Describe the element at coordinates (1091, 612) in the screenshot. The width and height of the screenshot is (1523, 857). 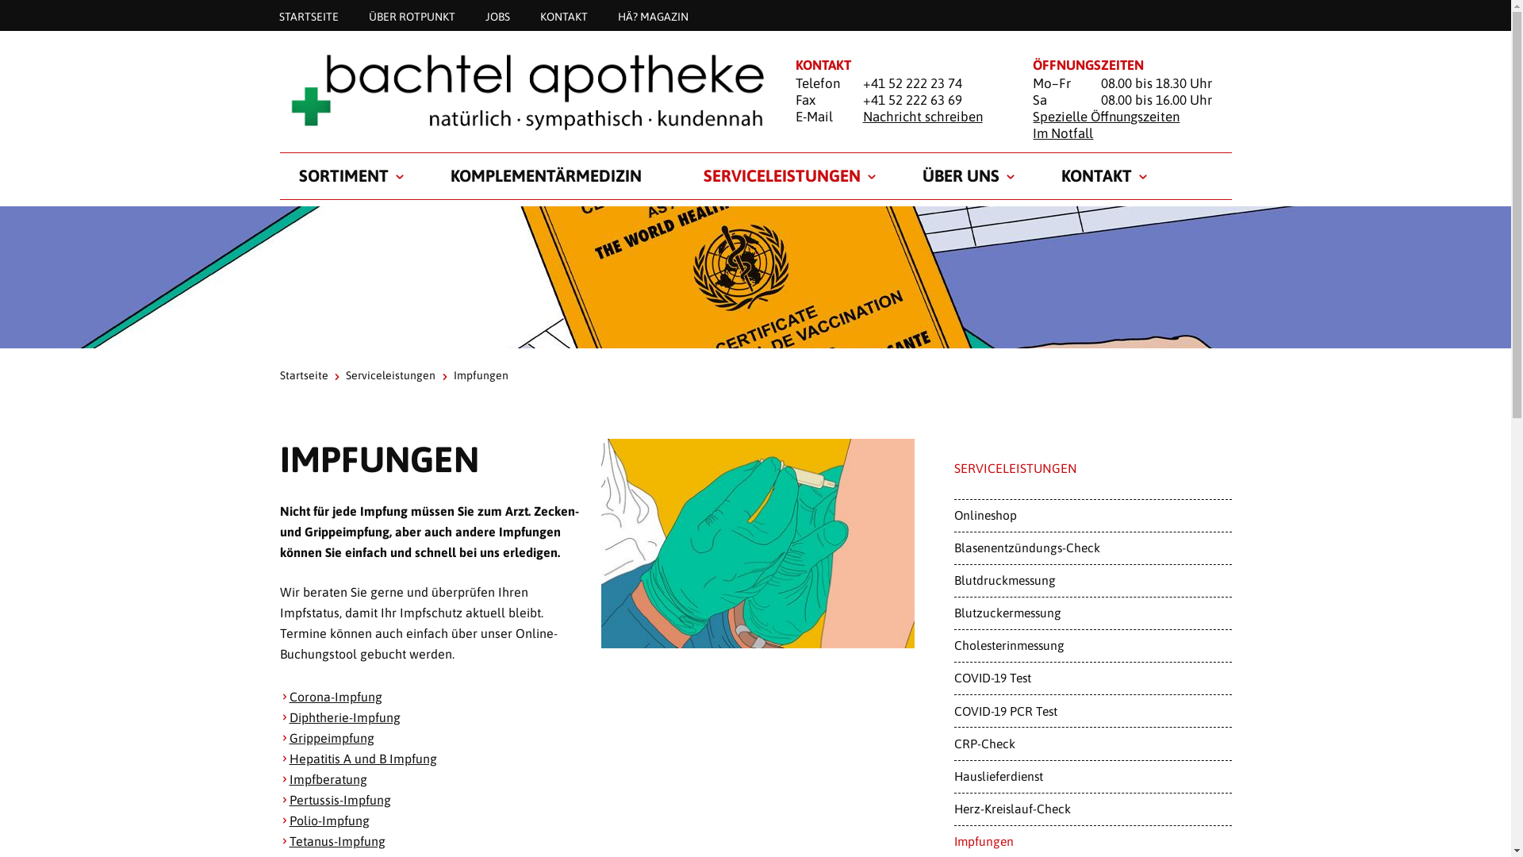
I see `'Blutzuckermessung'` at that location.